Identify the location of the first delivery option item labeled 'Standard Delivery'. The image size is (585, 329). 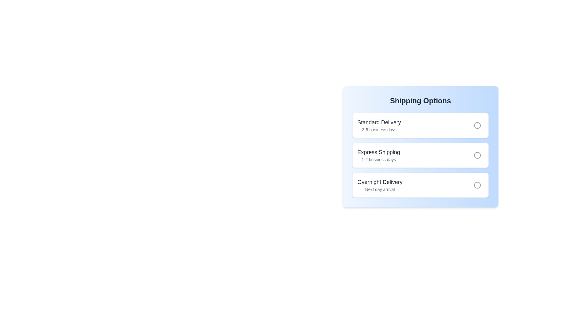
(420, 125).